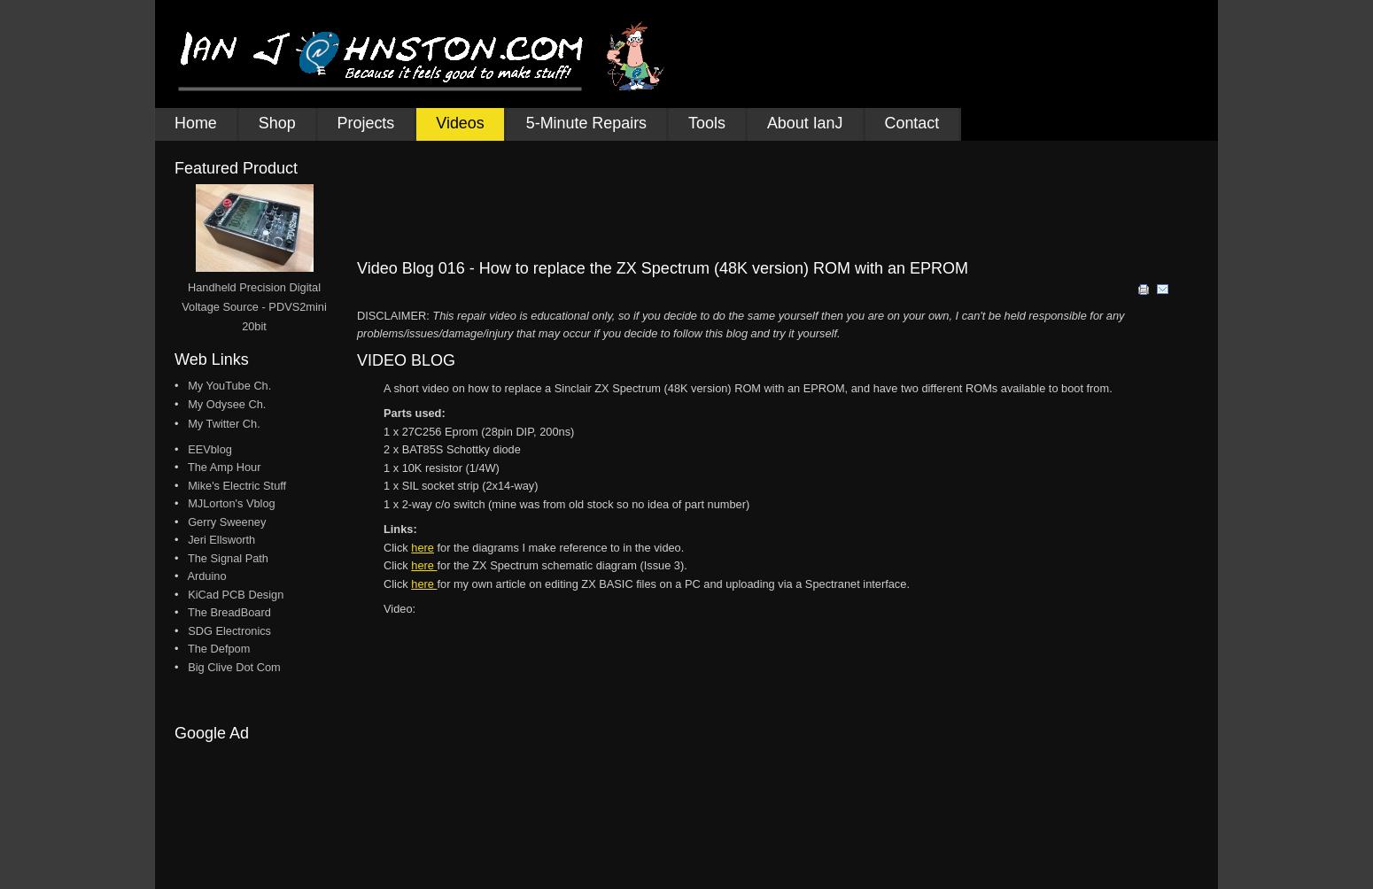  I want to click on '1 x SIL socket strip (2x14-way)', so click(384, 485).